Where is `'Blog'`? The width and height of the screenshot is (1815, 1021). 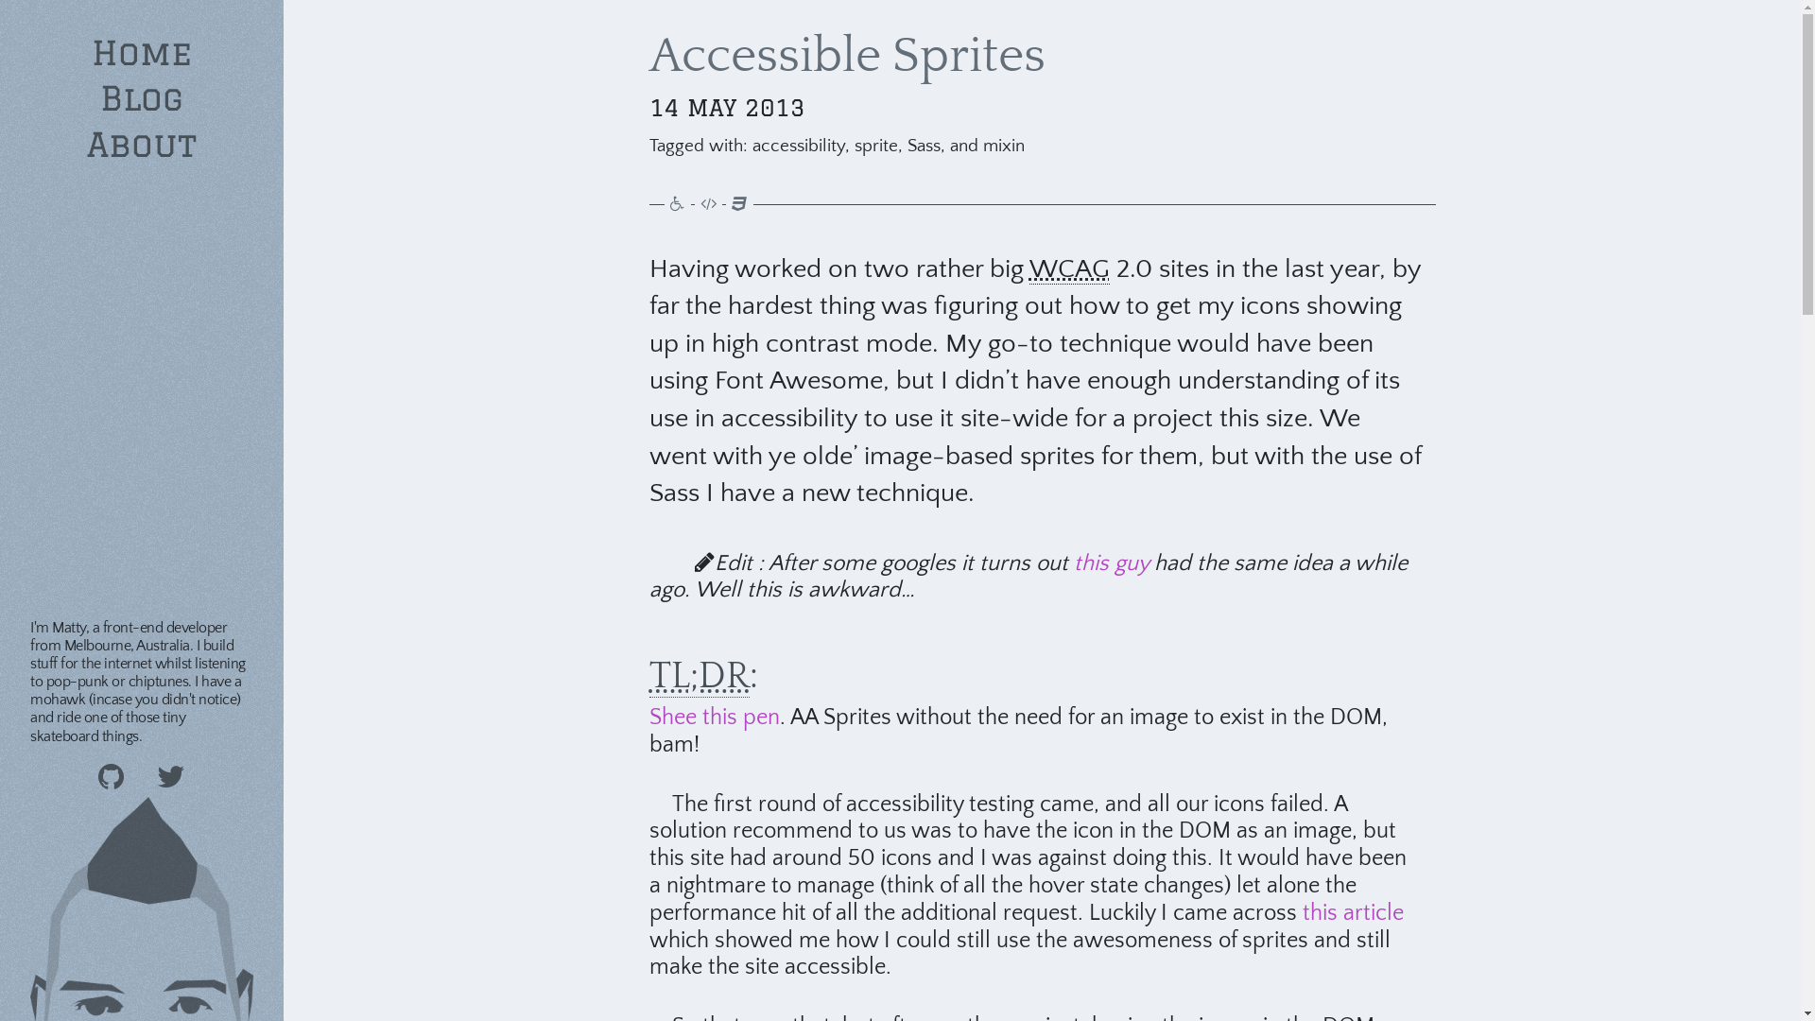
'Blog' is located at coordinates (140, 98).